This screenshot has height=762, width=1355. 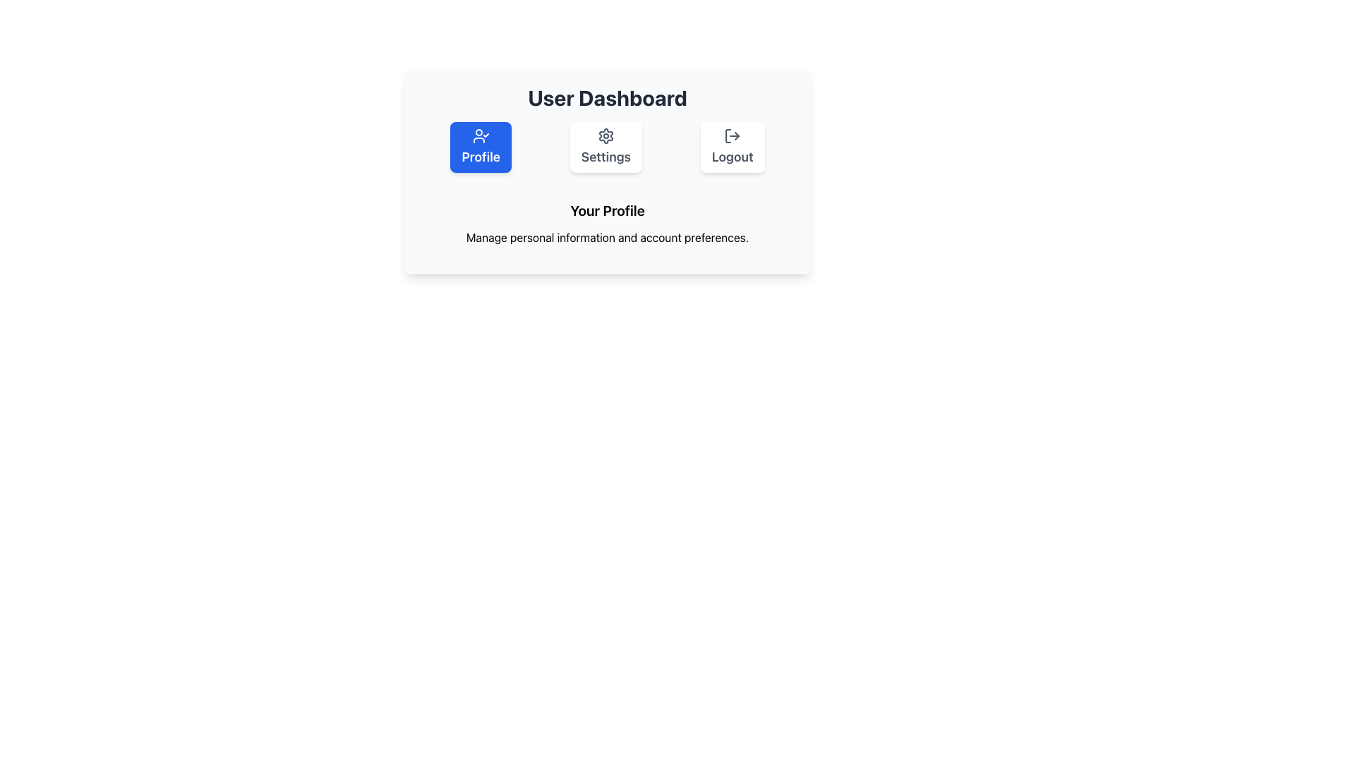 What do you see at coordinates (481, 157) in the screenshot?
I see `the 'Profile' button which contains the text label in white on a blue background, located below the 'User Dashboard' heading` at bounding box center [481, 157].